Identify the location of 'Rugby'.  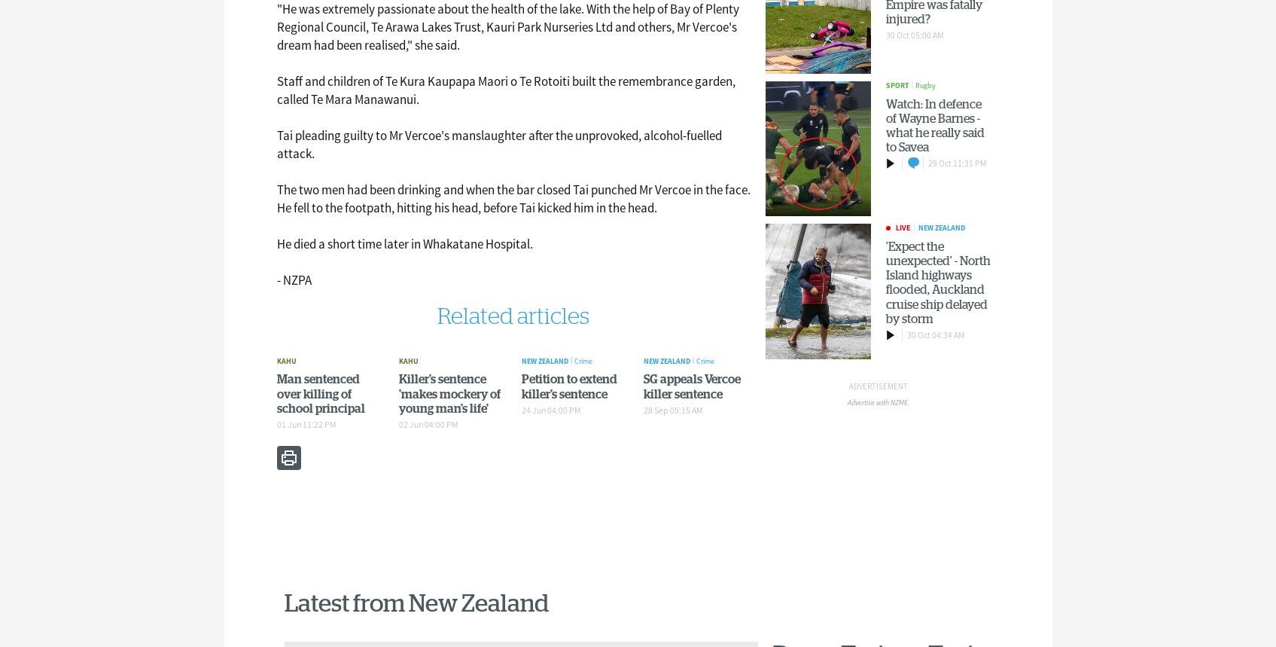
(925, 85).